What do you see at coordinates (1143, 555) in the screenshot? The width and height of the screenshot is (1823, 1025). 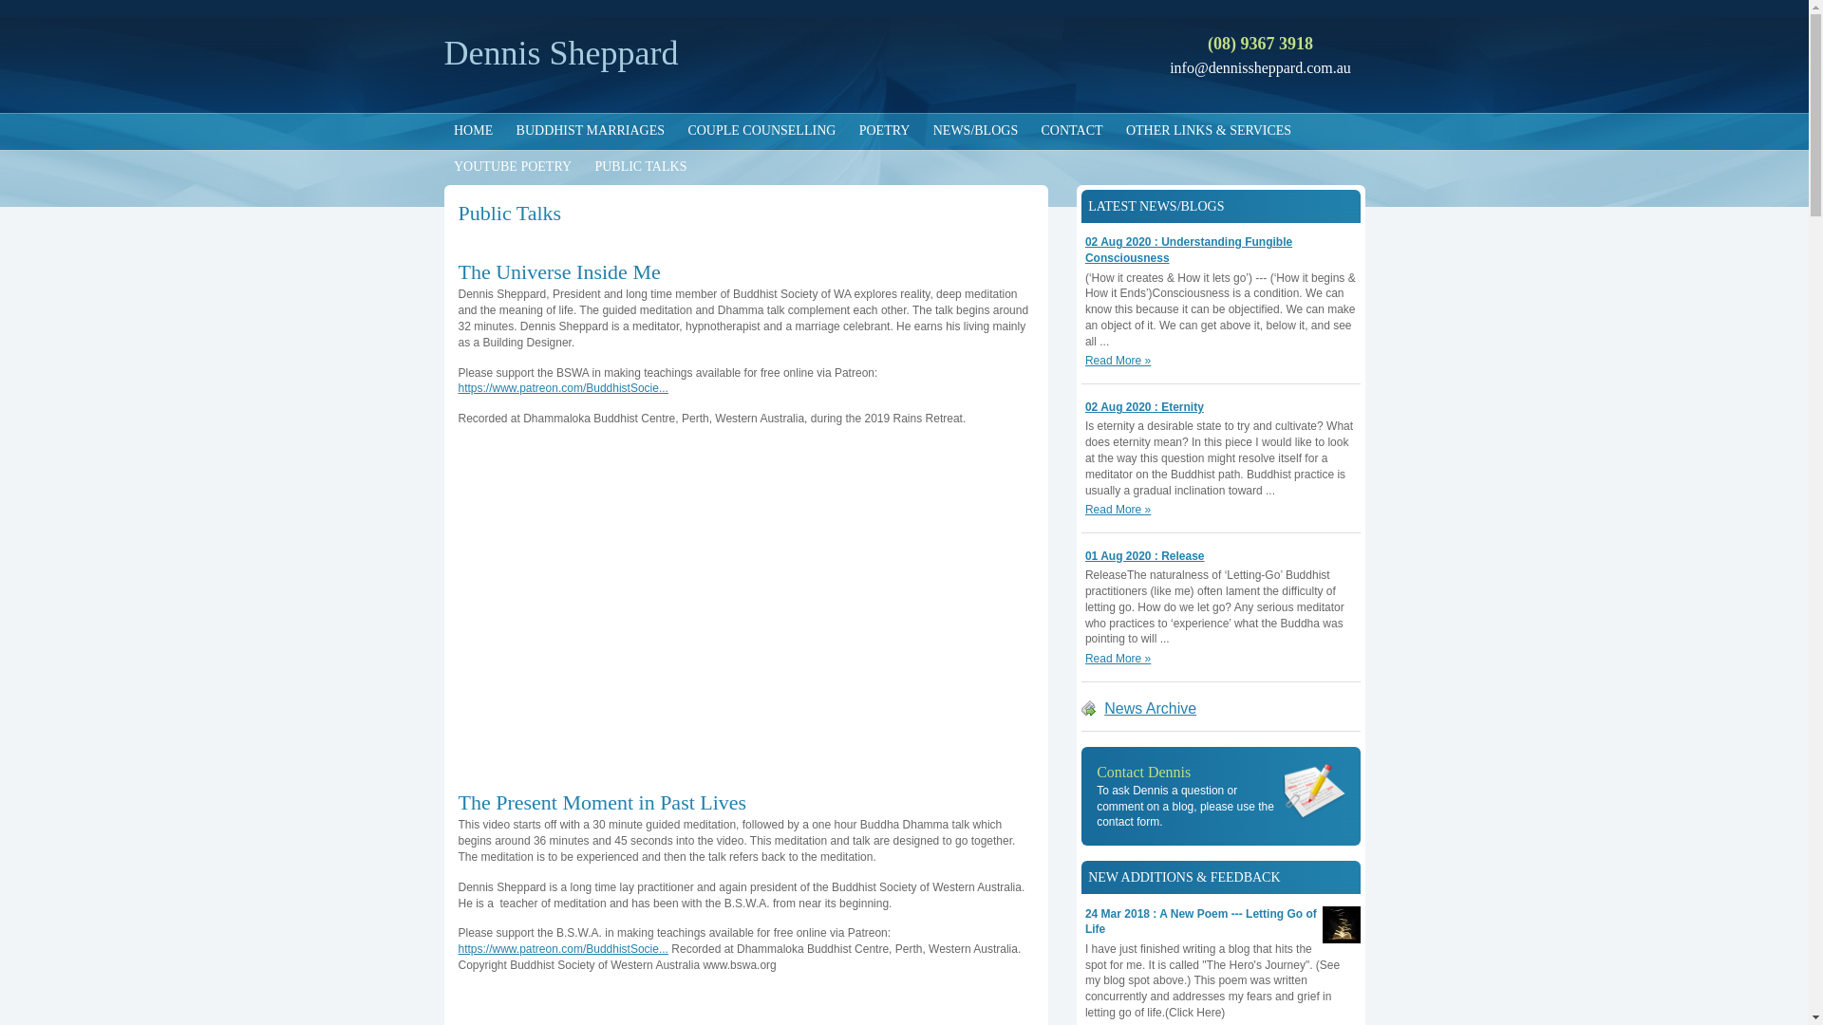 I see `'01 Aug 2020 : Release'` at bounding box center [1143, 555].